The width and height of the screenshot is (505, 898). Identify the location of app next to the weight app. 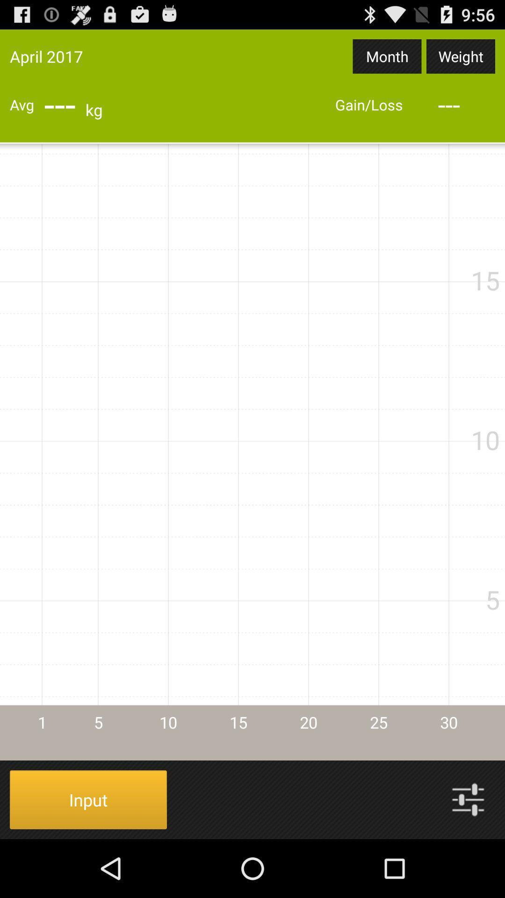
(387, 56).